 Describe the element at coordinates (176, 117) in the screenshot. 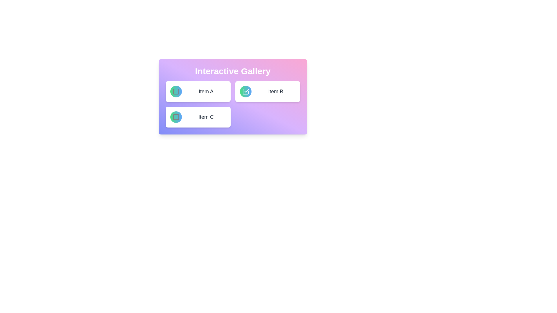

I see `the small, square-shaped UI component with slightly rounded corners located adjacent to the text 'Item C' in the lower-left part of the interactive gallery widget` at that location.